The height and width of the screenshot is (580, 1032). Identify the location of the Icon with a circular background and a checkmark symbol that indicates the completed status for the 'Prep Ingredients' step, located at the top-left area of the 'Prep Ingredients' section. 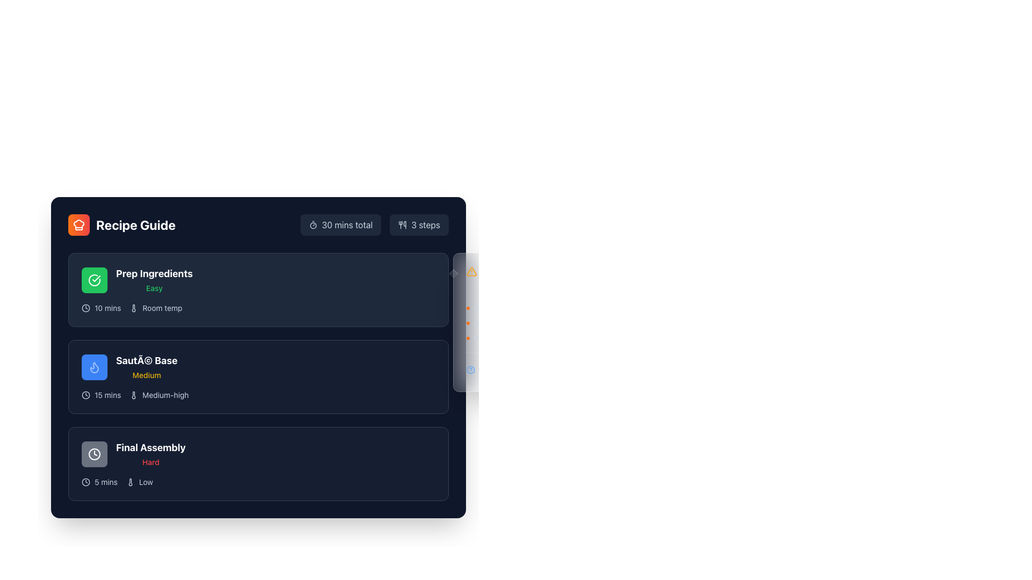
(95, 279).